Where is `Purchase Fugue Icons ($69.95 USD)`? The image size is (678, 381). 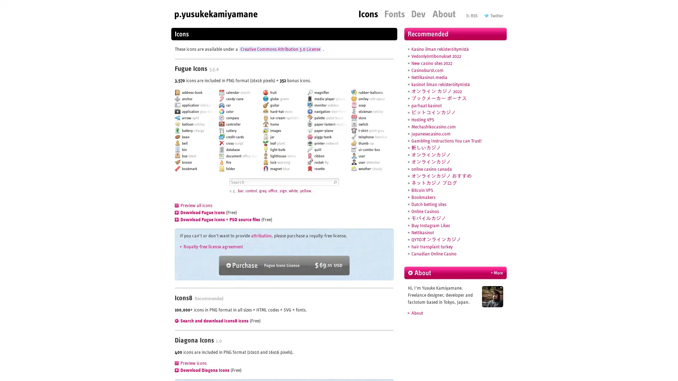
Purchase Fugue Icons ($69.95 USD) is located at coordinates (284, 265).